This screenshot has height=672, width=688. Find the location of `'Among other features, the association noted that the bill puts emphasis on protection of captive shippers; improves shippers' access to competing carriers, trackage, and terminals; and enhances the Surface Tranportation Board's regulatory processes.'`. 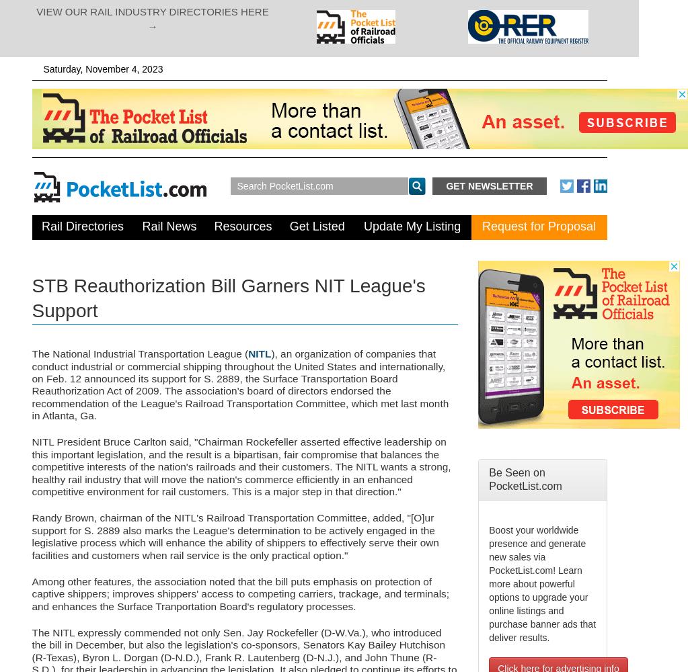

'Among other features, the association noted that the bill puts emphasis on protection of captive shippers; improves shippers' access to competing carriers, trackage, and terminals; and enhances the Surface Tranportation Board's regulatory processes.' is located at coordinates (239, 593).